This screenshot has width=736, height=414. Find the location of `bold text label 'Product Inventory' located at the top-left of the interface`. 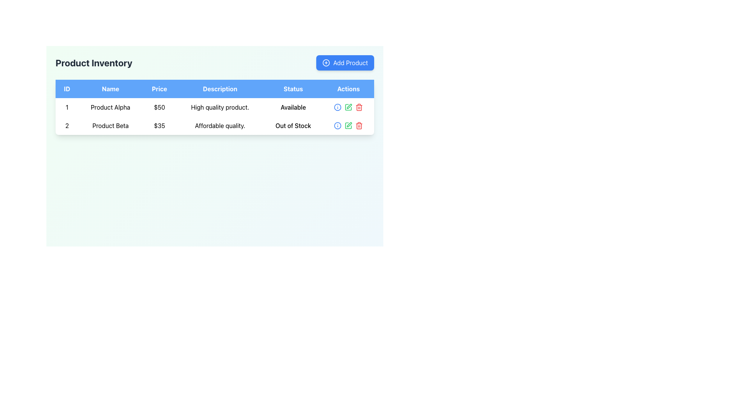

bold text label 'Product Inventory' located at the top-left of the interface is located at coordinates (94, 62).